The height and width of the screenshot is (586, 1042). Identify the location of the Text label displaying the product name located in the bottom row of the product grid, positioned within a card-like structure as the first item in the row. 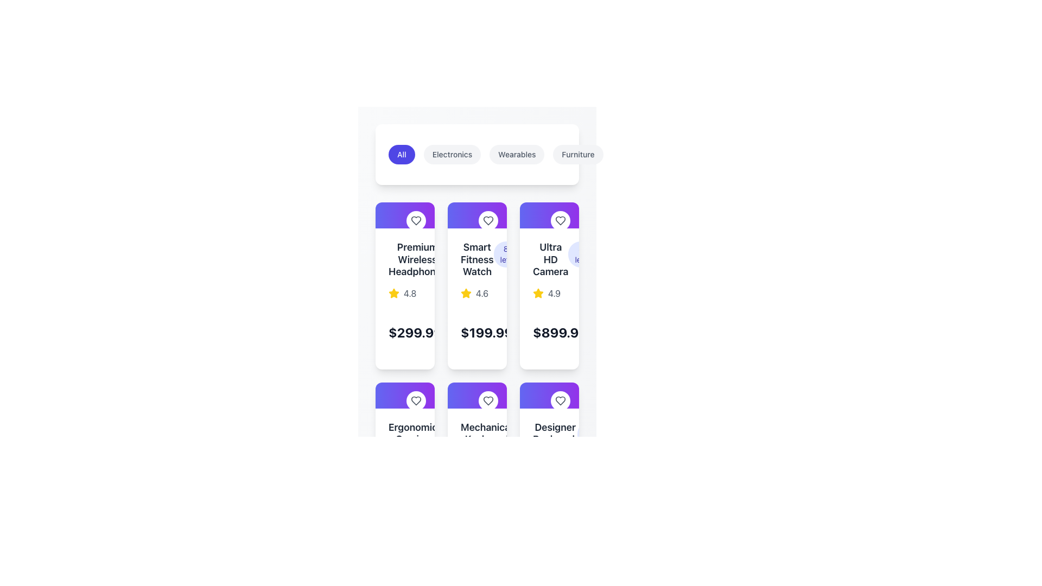
(412, 439).